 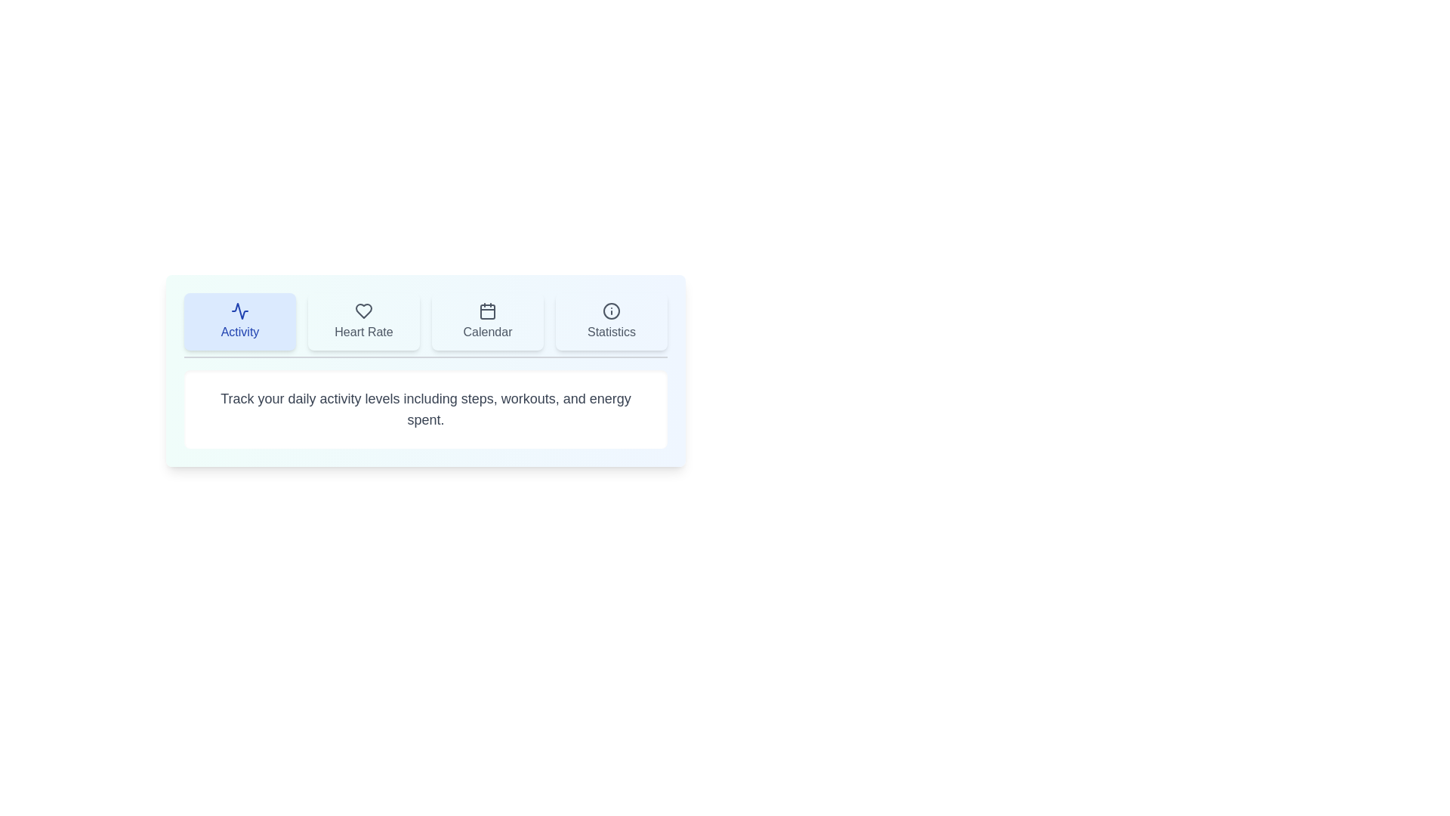 What do you see at coordinates (612, 320) in the screenshot?
I see `the tab button labeled Statistics to observe its visual effects` at bounding box center [612, 320].